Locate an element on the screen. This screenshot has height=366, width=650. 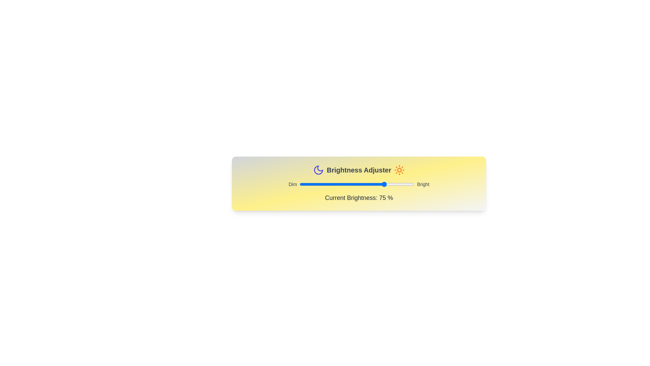
the brightness slider to 87% is located at coordinates (399, 184).